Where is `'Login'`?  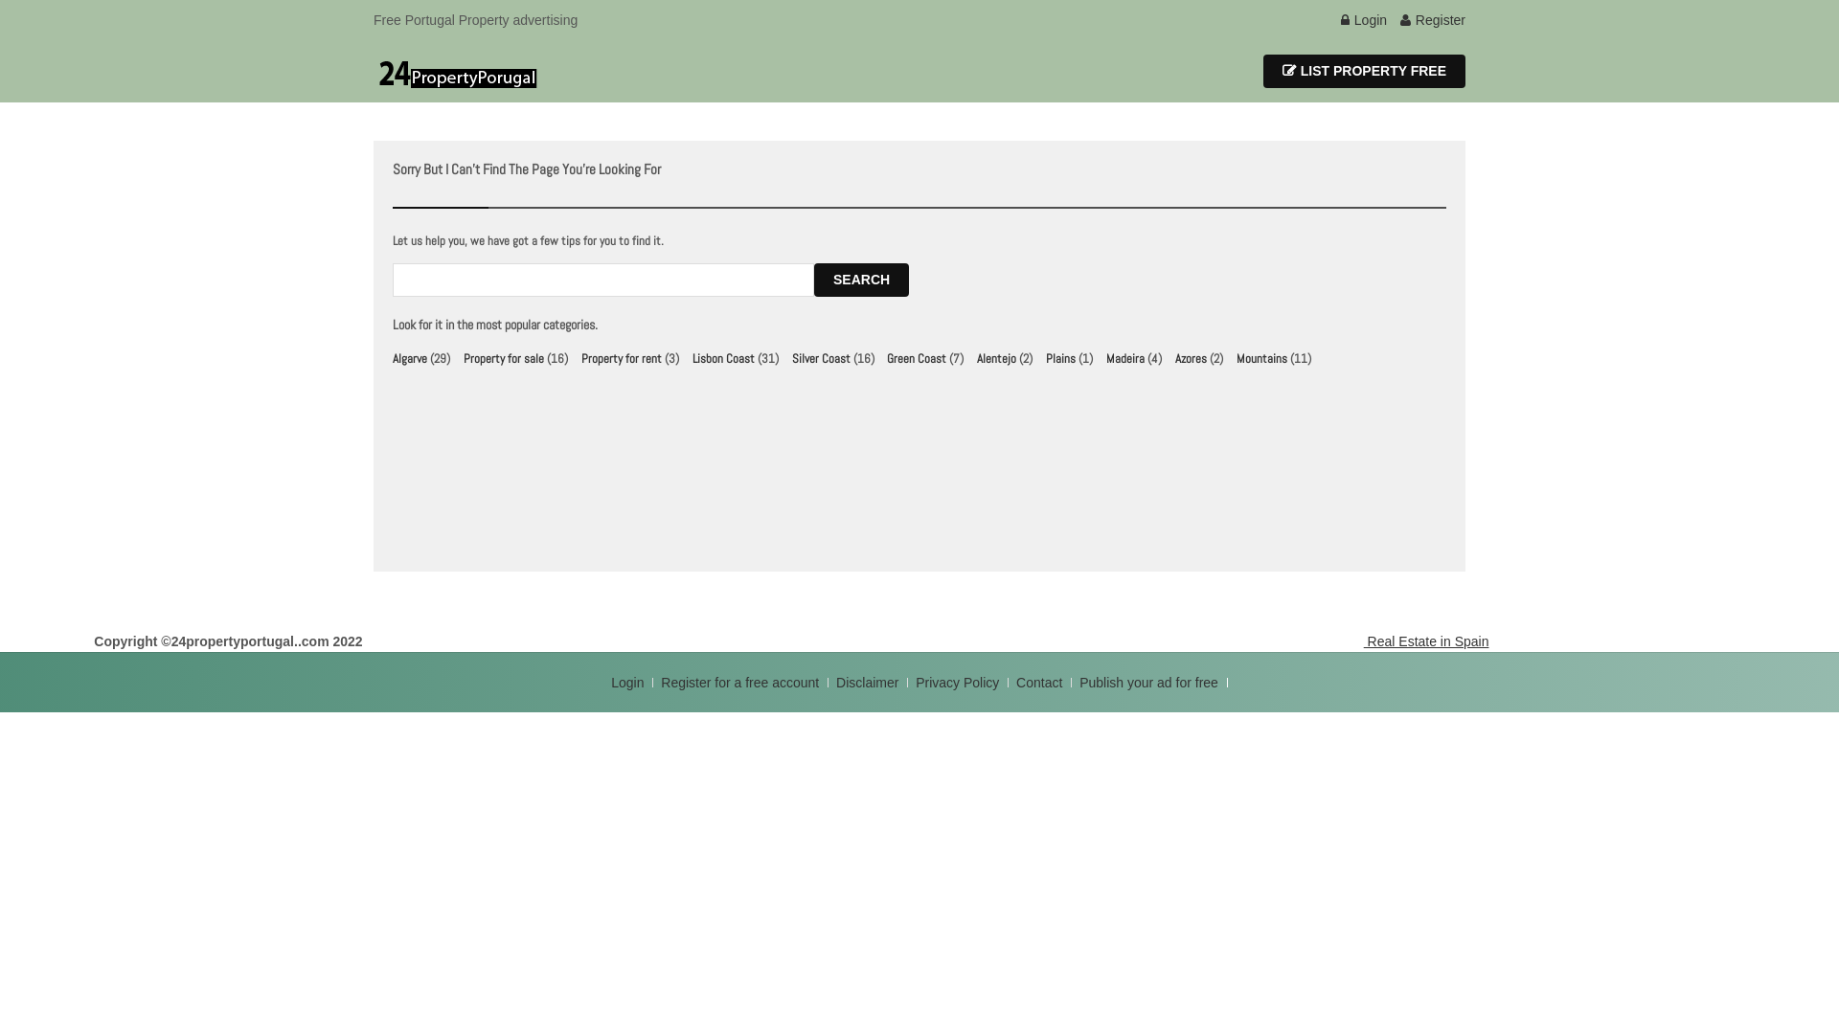
'Login' is located at coordinates (610, 682).